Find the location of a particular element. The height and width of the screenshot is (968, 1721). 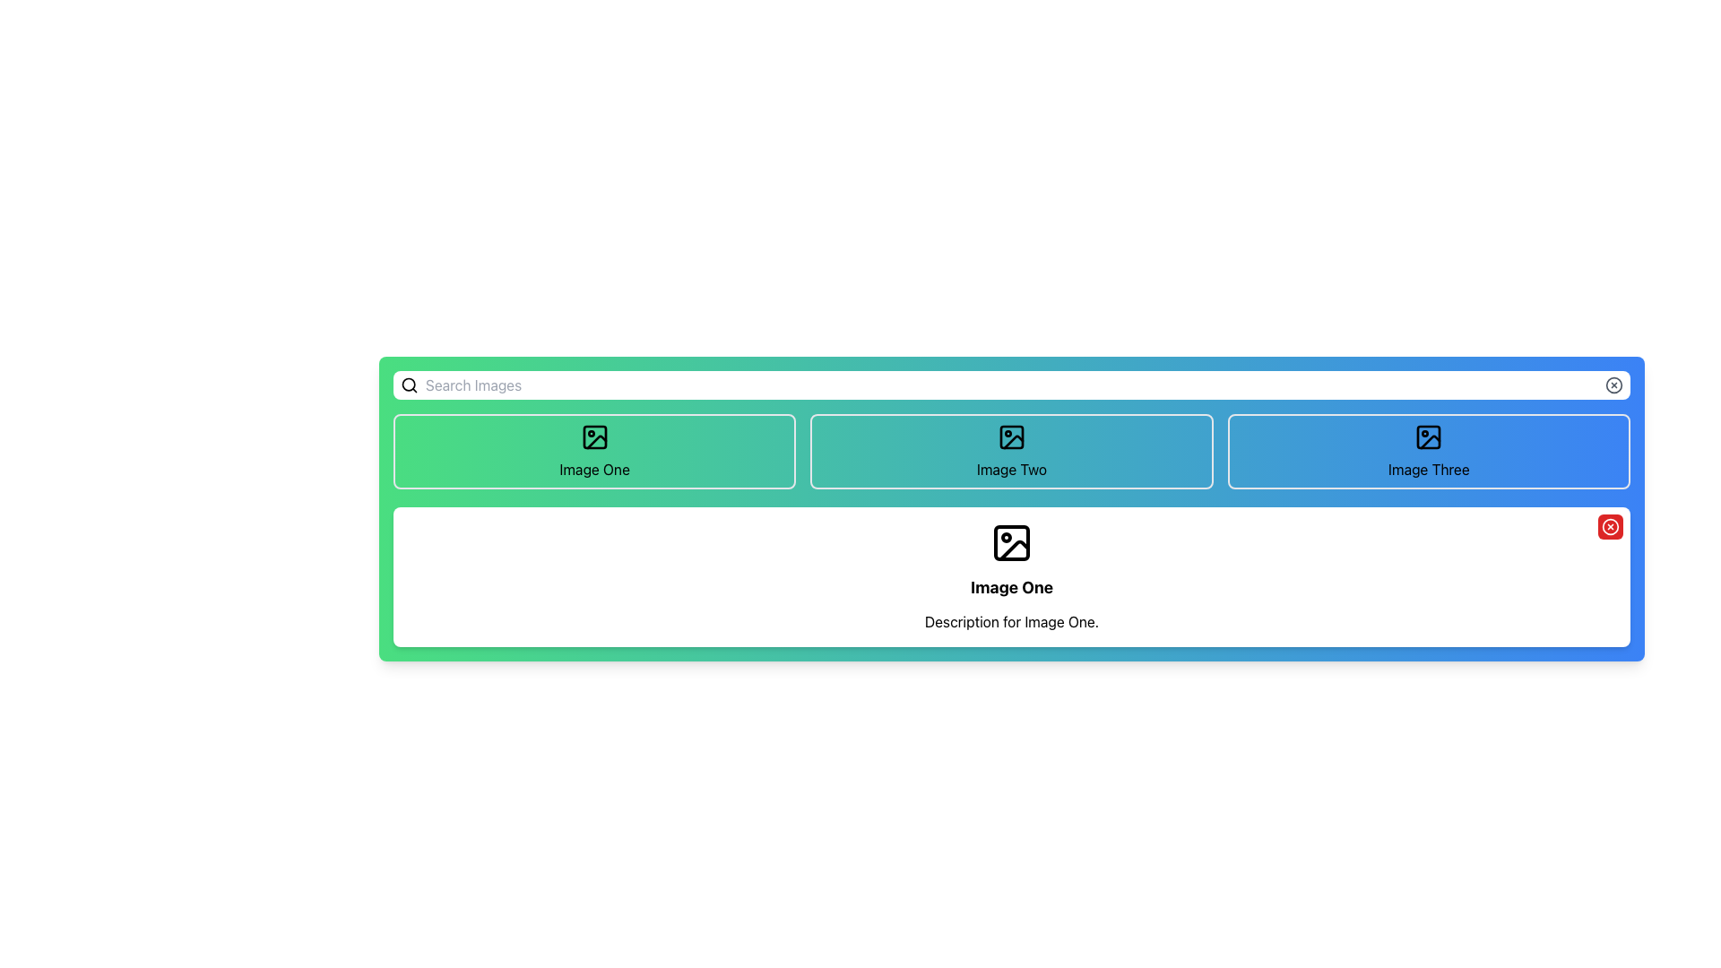

the text label displaying 'Image One', which is part of a green background gradient section and positioned below the image icon is located at coordinates (594, 469).